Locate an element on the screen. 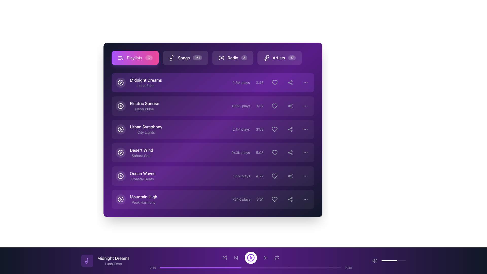 This screenshot has height=274, width=487. the small circular play button with a white play icon, located at the leftmost part of the row for the song 'Midnight Dreams' by 'Luna Echo' is located at coordinates (120, 82).